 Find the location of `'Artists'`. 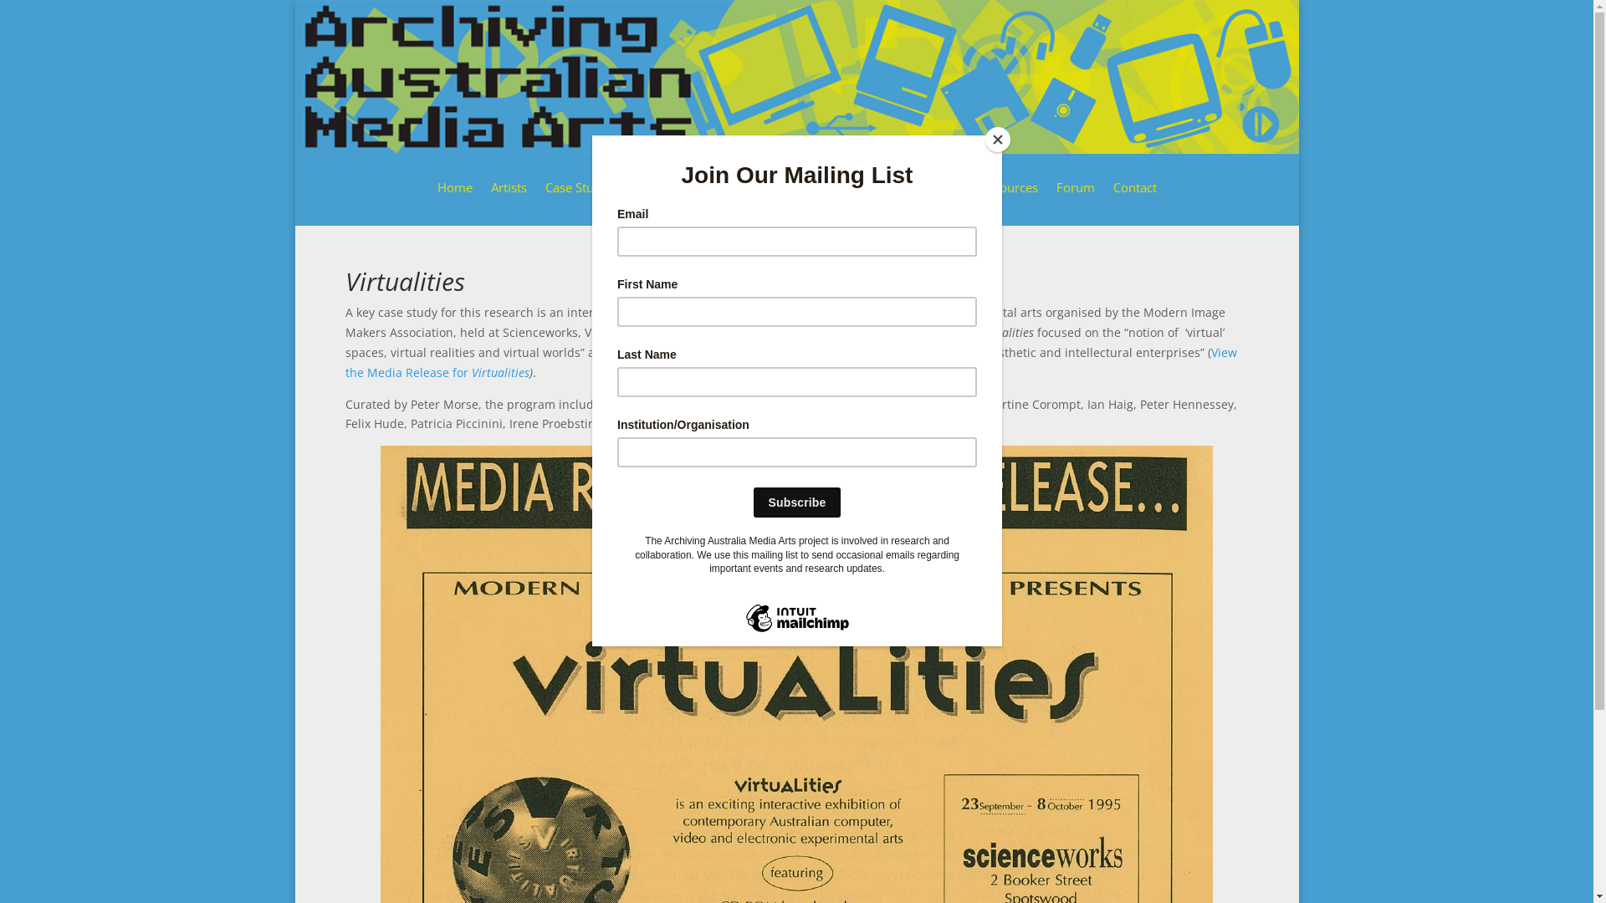

'Artists' is located at coordinates (507, 198).